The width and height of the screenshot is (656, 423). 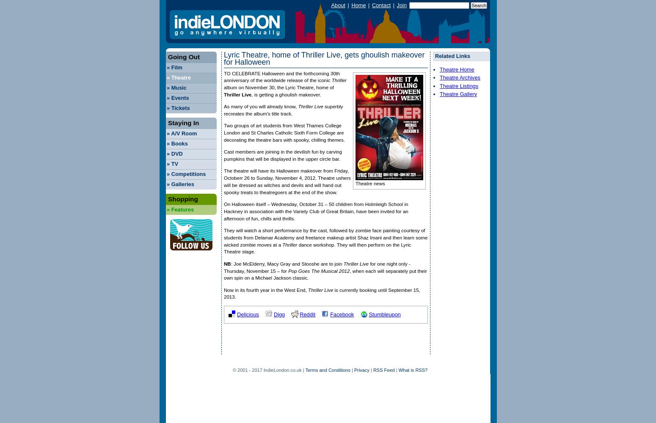 What do you see at coordinates (179, 107) in the screenshot?
I see `'Tickets'` at bounding box center [179, 107].